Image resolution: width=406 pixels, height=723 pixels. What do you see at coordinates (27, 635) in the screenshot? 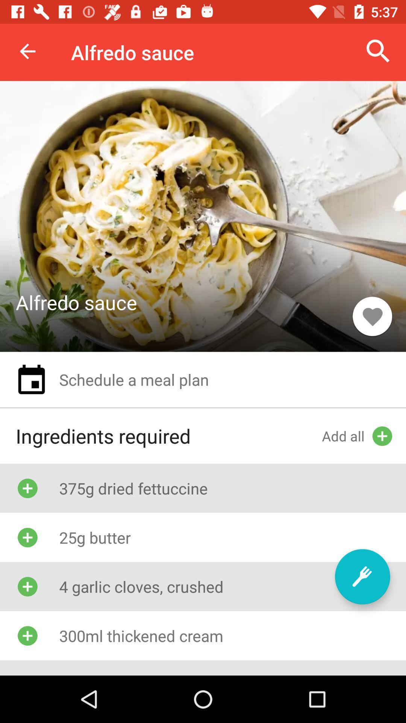
I see `symbol which is left to the text 300ml thickened cream` at bounding box center [27, 635].